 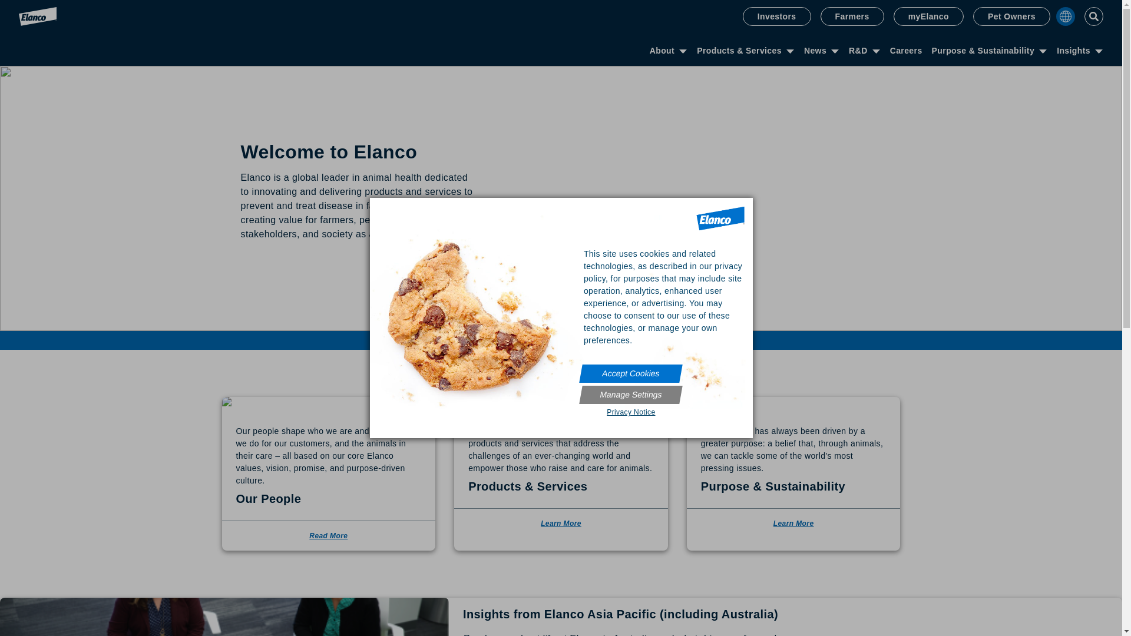 I want to click on 'Farmers', so click(x=852, y=16).